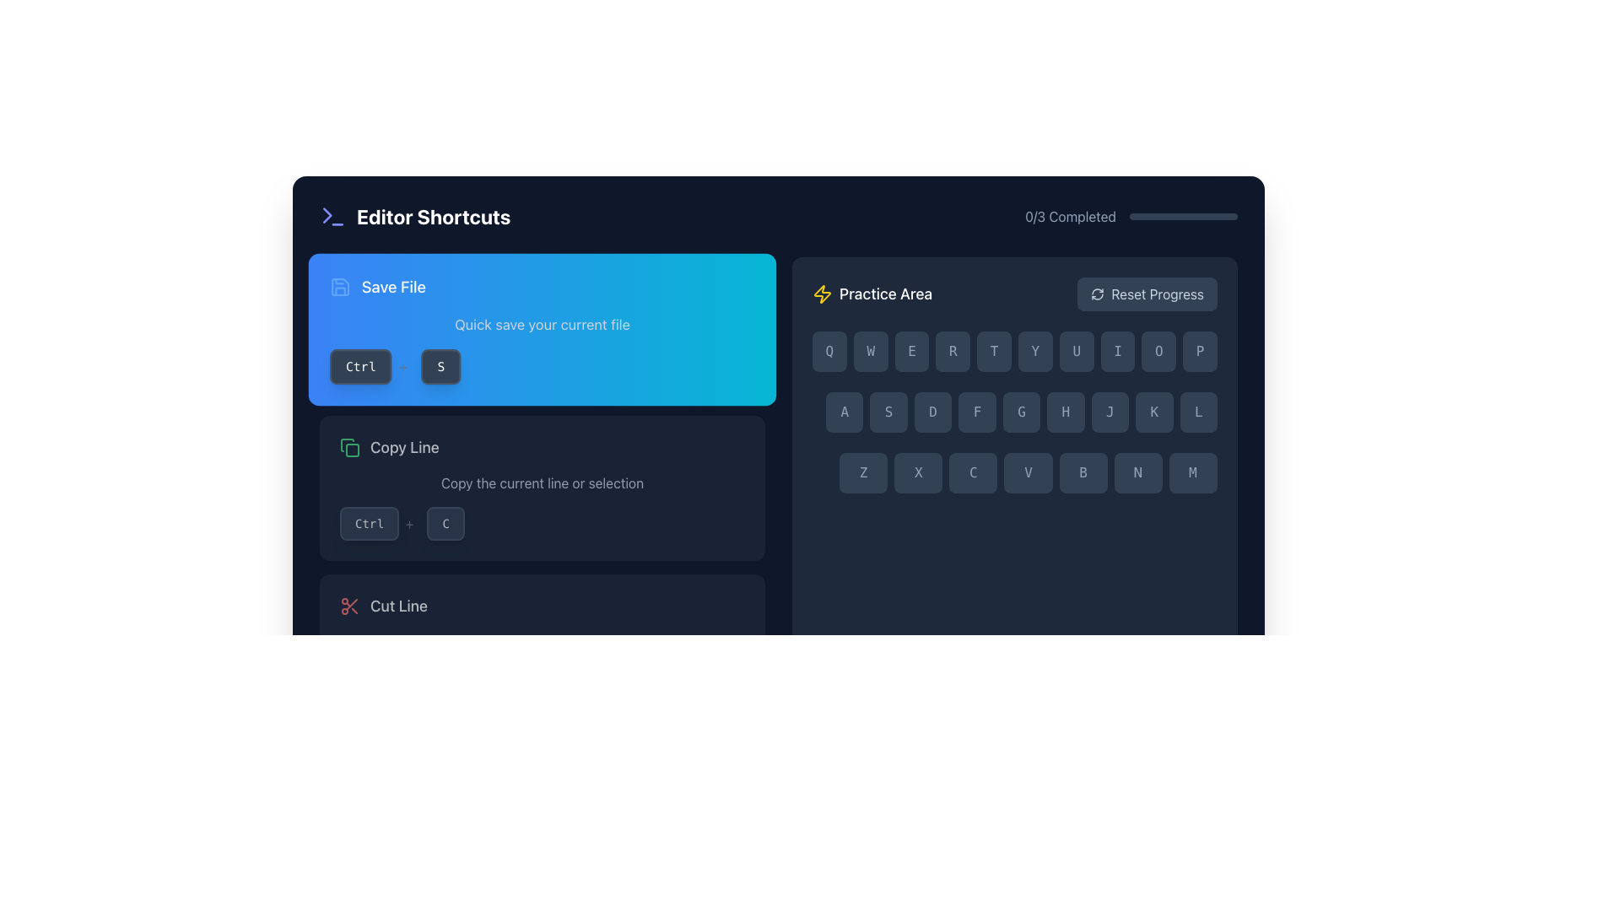  What do you see at coordinates (339, 286) in the screenshot?
I see `the 'Save File' button which contains the SVG icon representing the save action, located at the center of the button's icon` at bounding box center [339, 286].